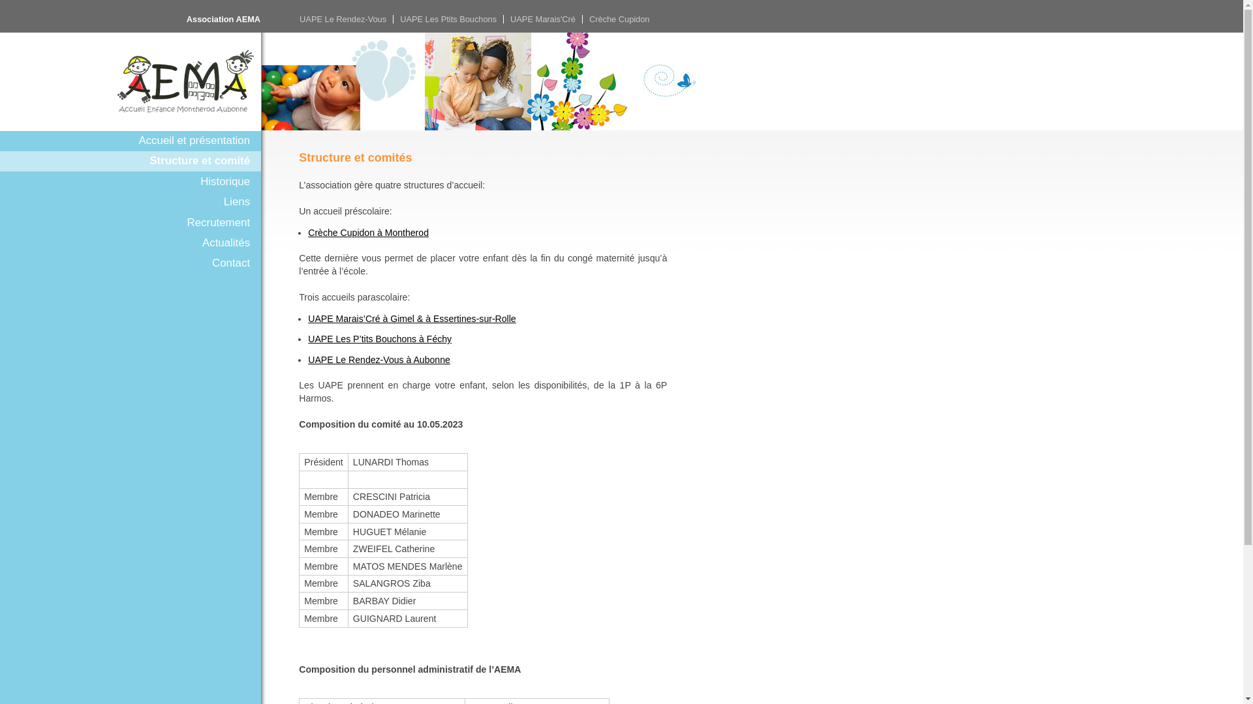 The height and width of the screenshot is (704, 1253). I want to click on 'Historique', so click(131, 181).